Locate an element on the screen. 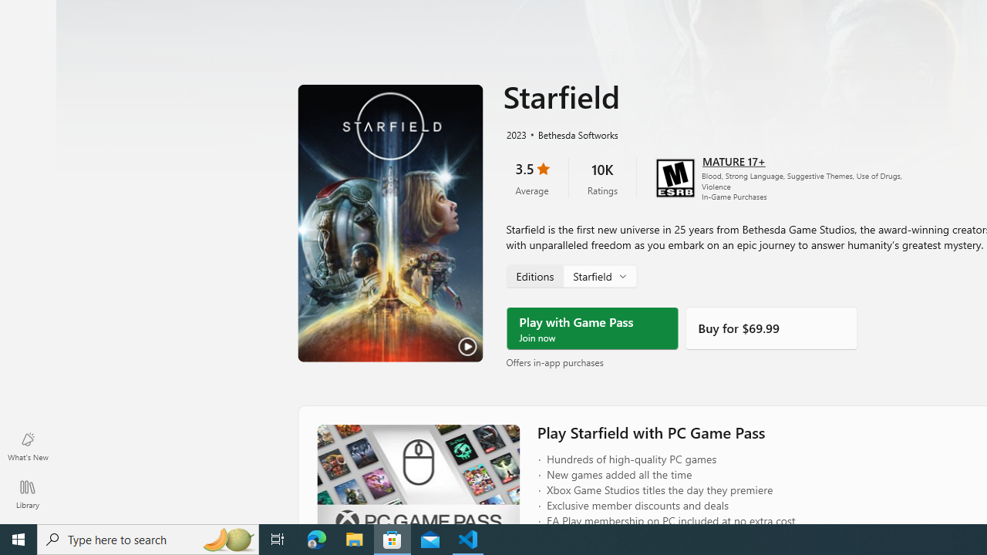  'What' is located at coordinates (27, 446).